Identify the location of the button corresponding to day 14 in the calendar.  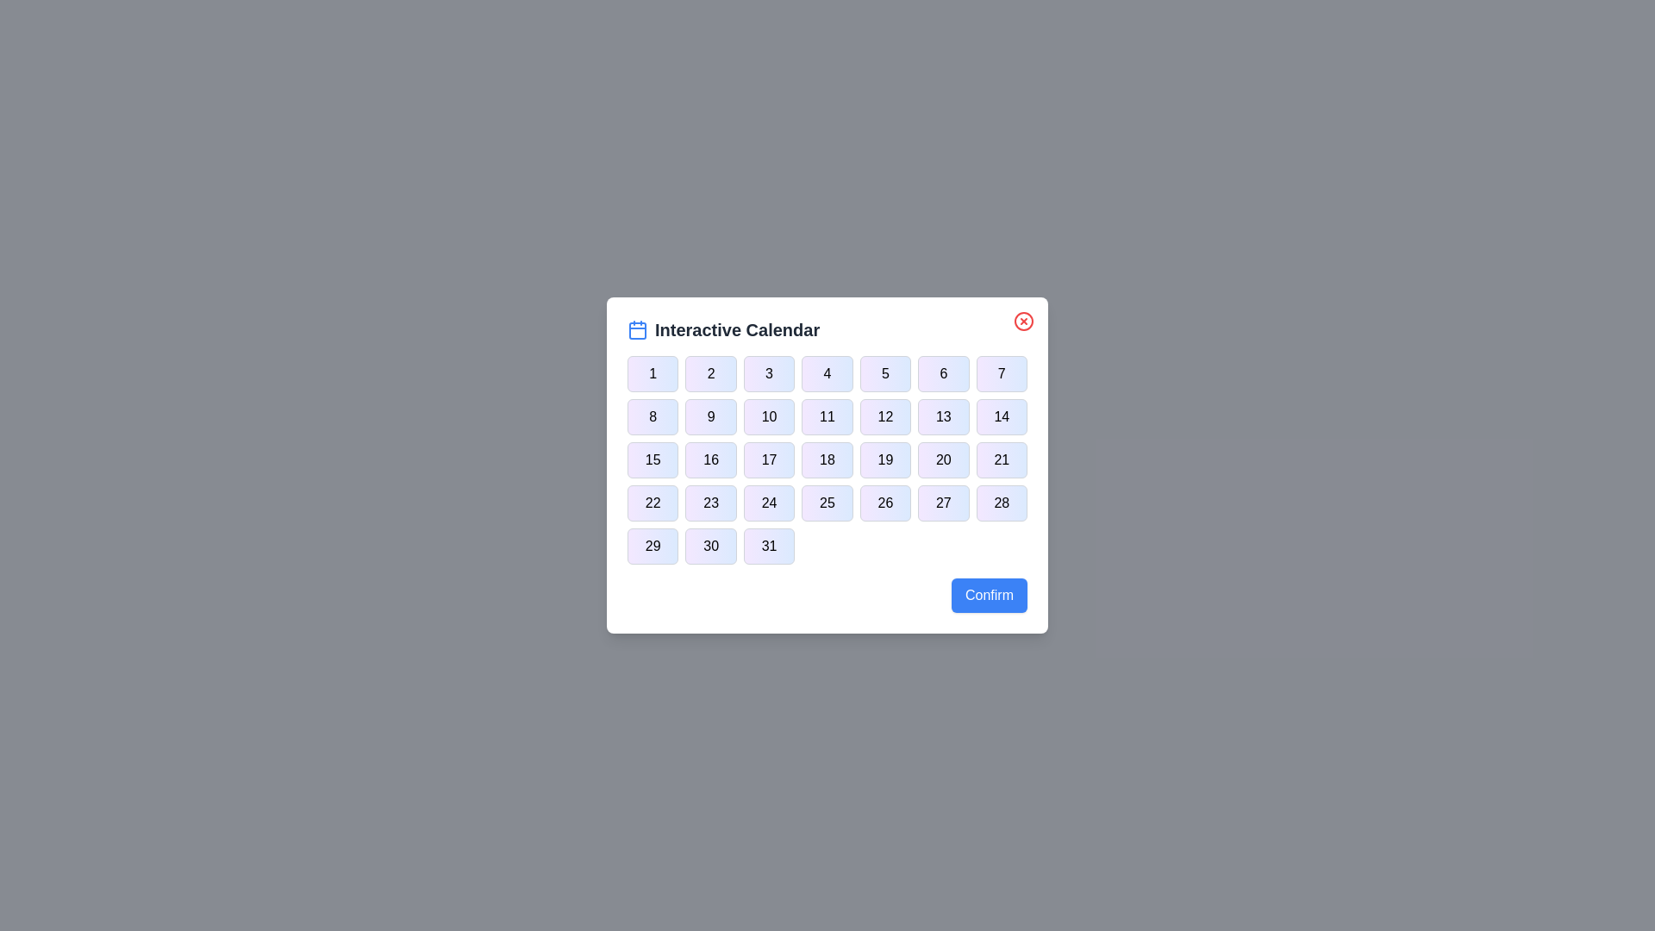
(1002, 416).